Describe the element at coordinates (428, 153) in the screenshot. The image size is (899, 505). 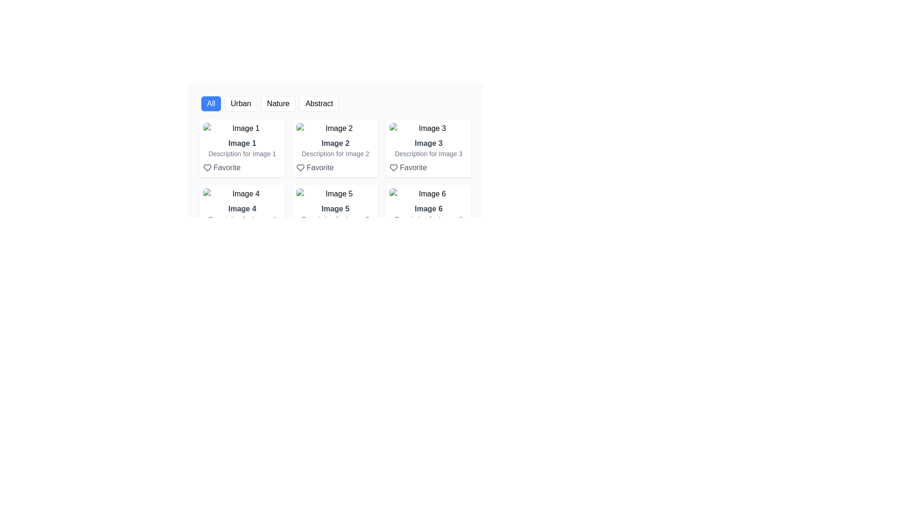
I see `the descriptive text label that provides additional information about the 'Image 3' section, located just beneath the 'Image 3' title and above the 'Favorite' section in the top-right card of the layout` at that location.